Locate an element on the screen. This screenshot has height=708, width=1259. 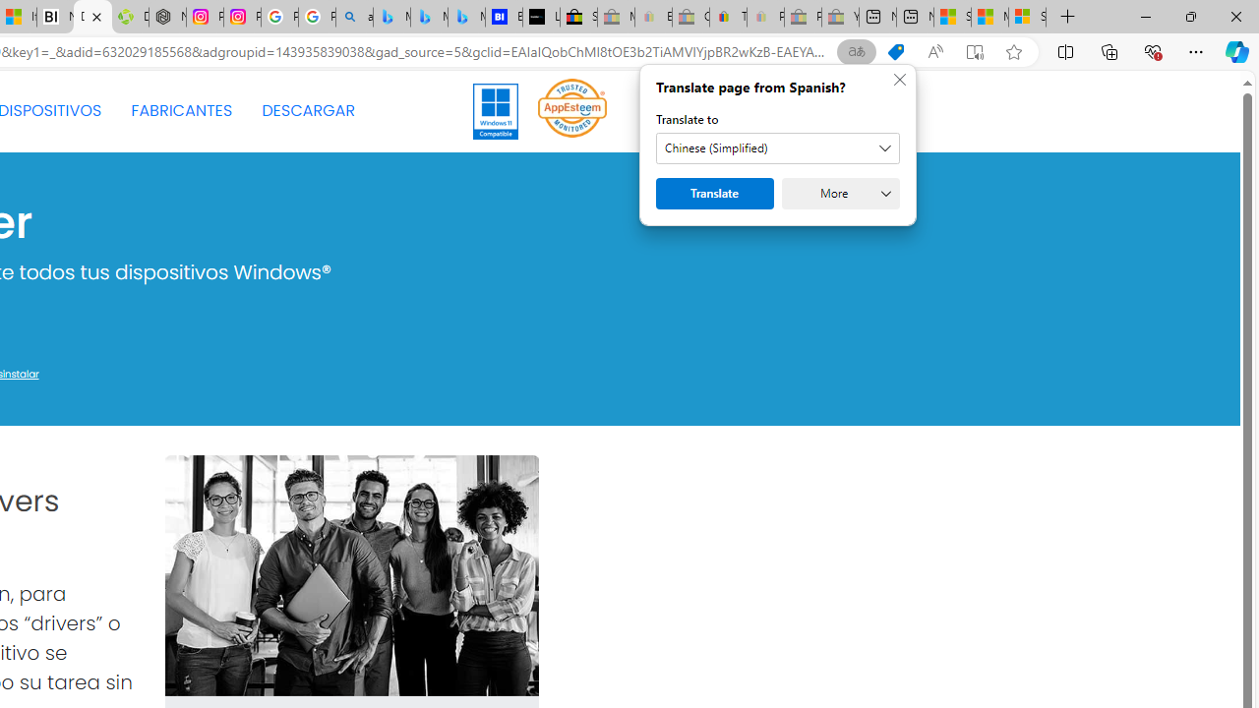
'Threats and offensive language policy | eBay' is located at coordinates (727, 17).